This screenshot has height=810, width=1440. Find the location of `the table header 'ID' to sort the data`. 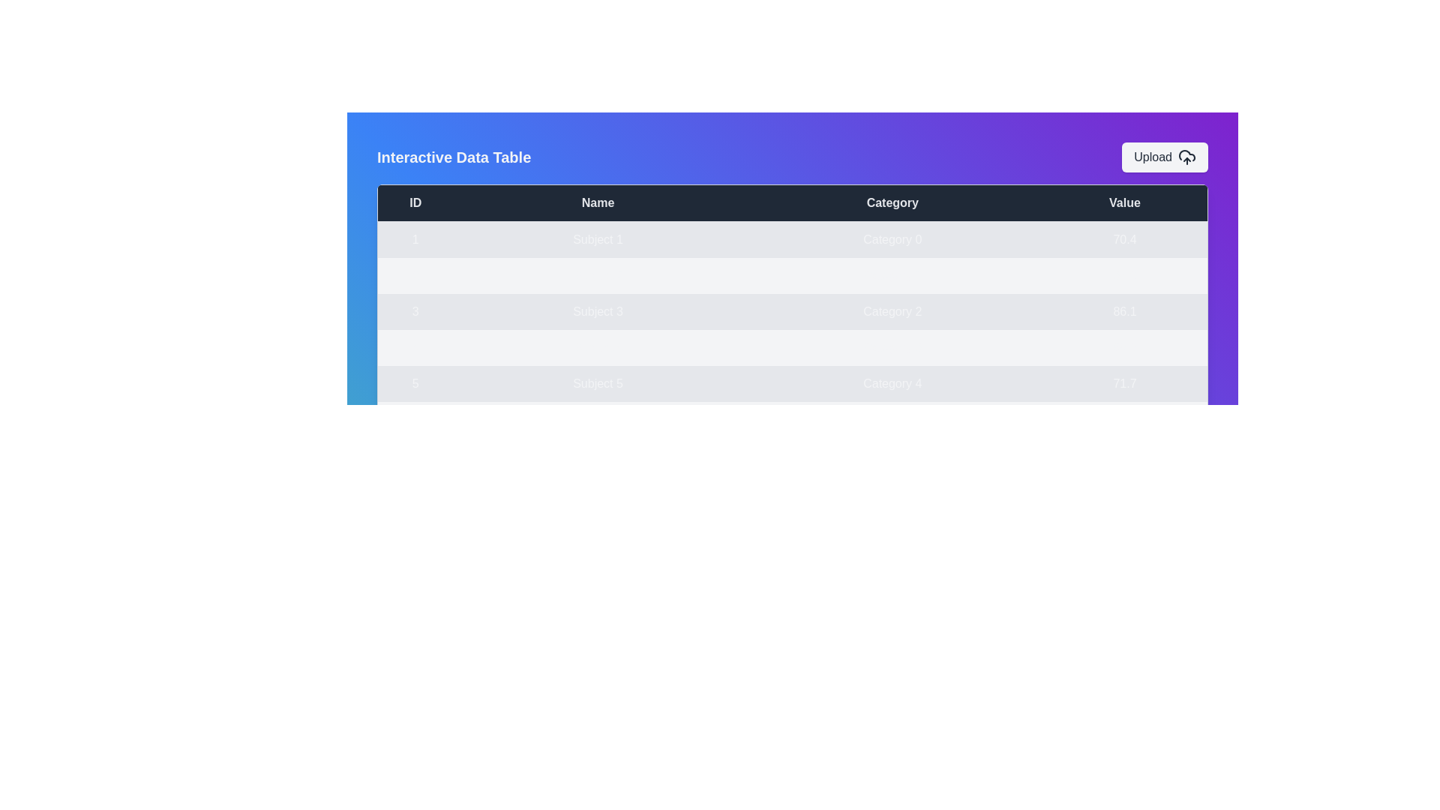

the table header 'ID' to sort the data is located at coordinates (415, 202).